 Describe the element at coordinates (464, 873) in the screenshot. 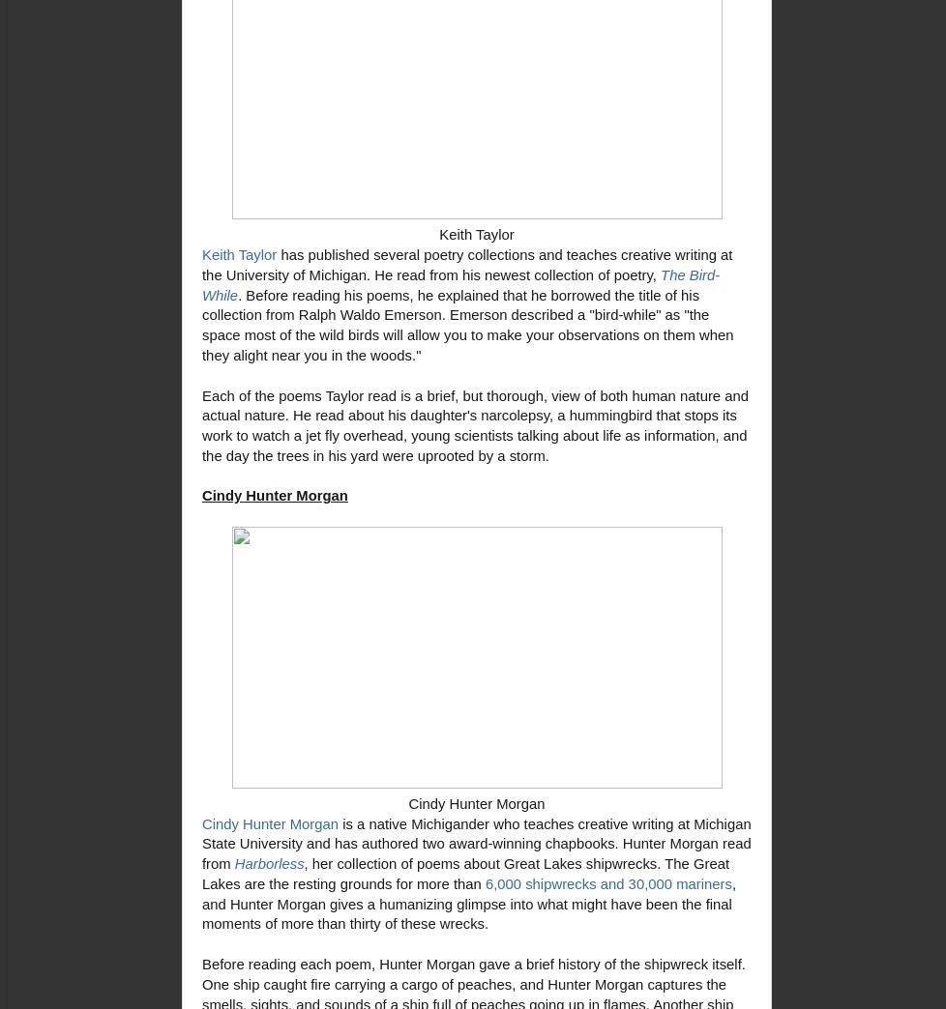

I see `', her collection of poems about Great Lakes shipwrecks. The Great Lakes are the resting grounds for more than'` at that location.